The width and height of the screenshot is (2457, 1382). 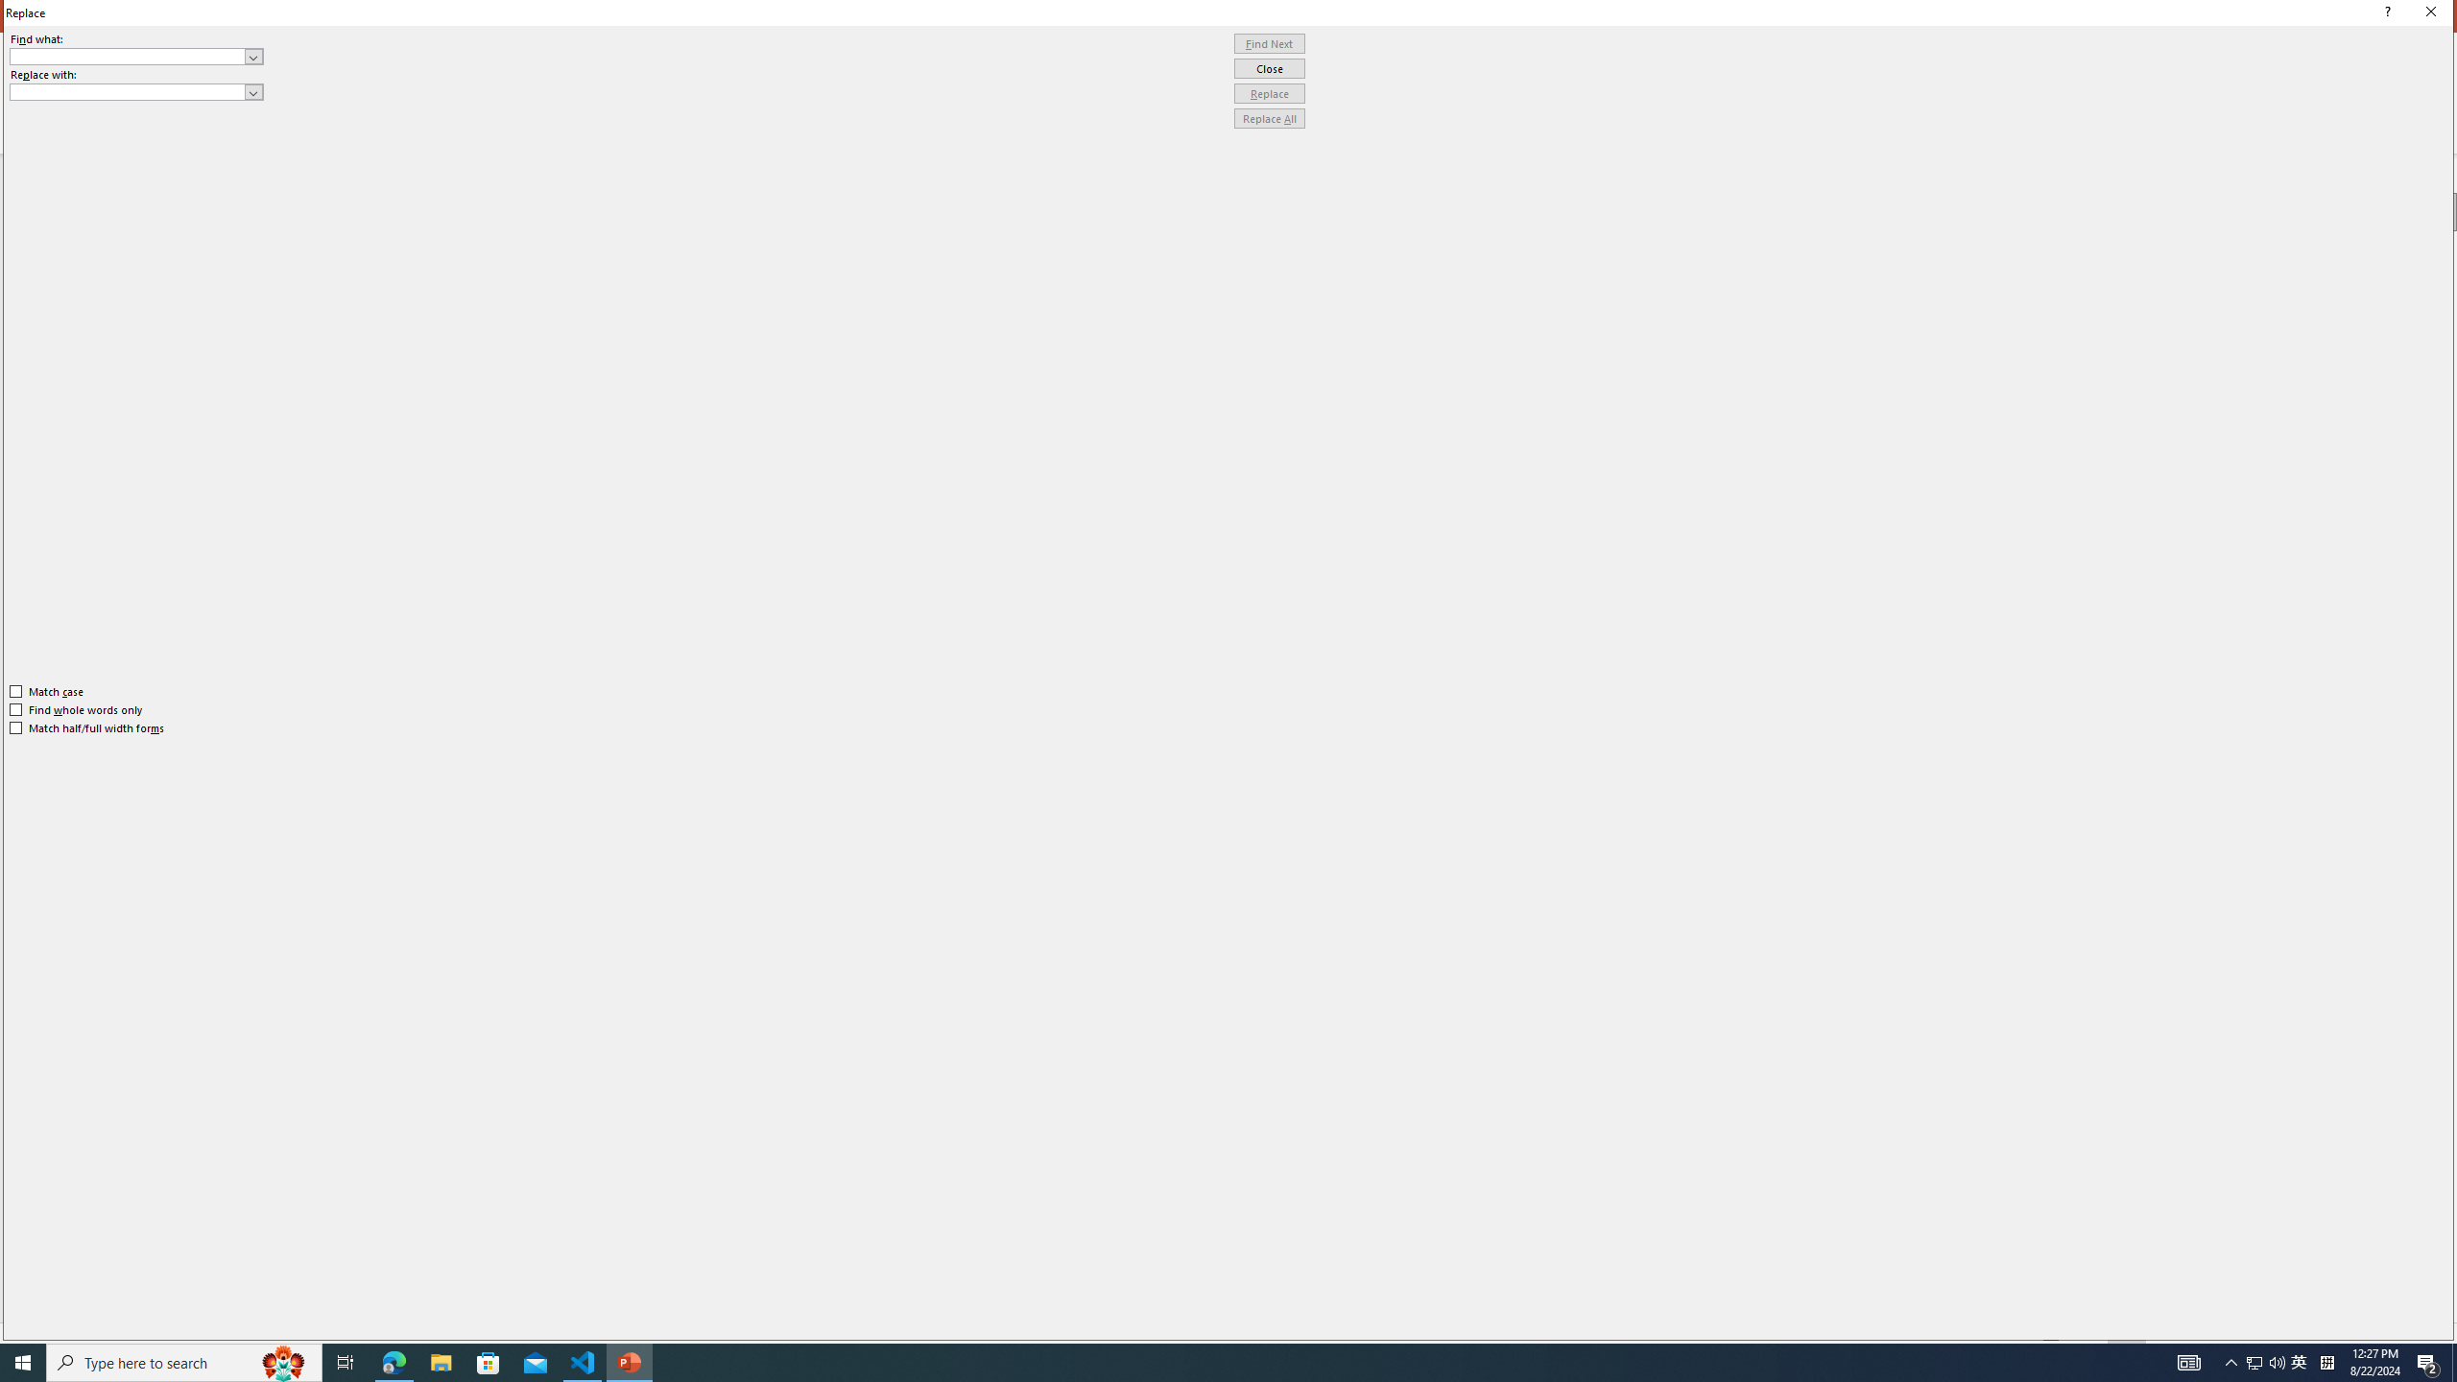 What do you see at coordinates (1269, 43) in the screenshot?
I see `'Find Next'` at bounding box center [1269, 43].